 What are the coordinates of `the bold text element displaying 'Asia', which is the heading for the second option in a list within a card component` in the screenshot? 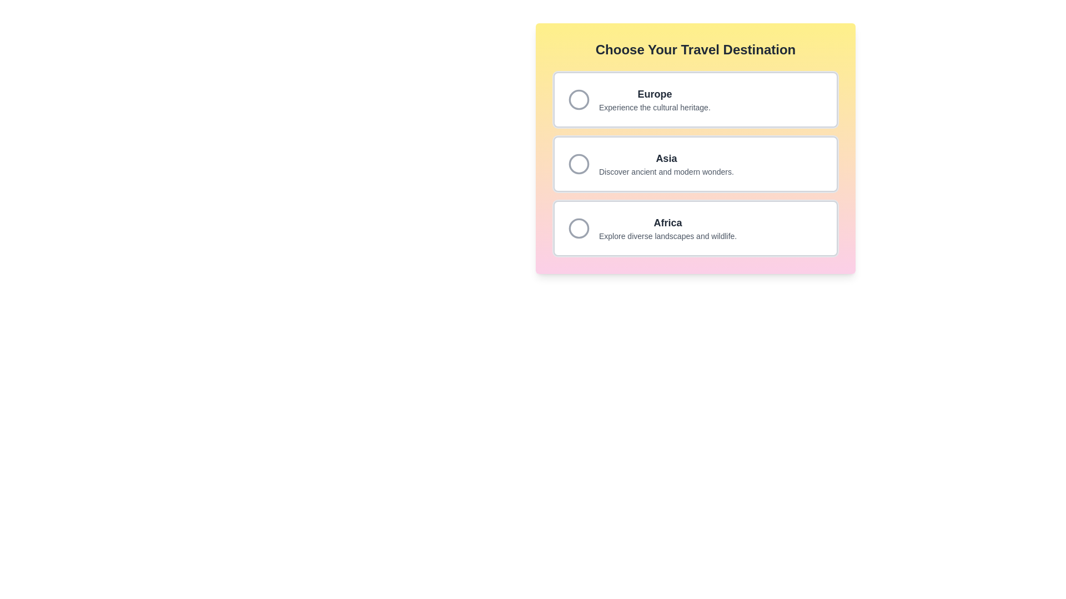 It's located at (666, 158).